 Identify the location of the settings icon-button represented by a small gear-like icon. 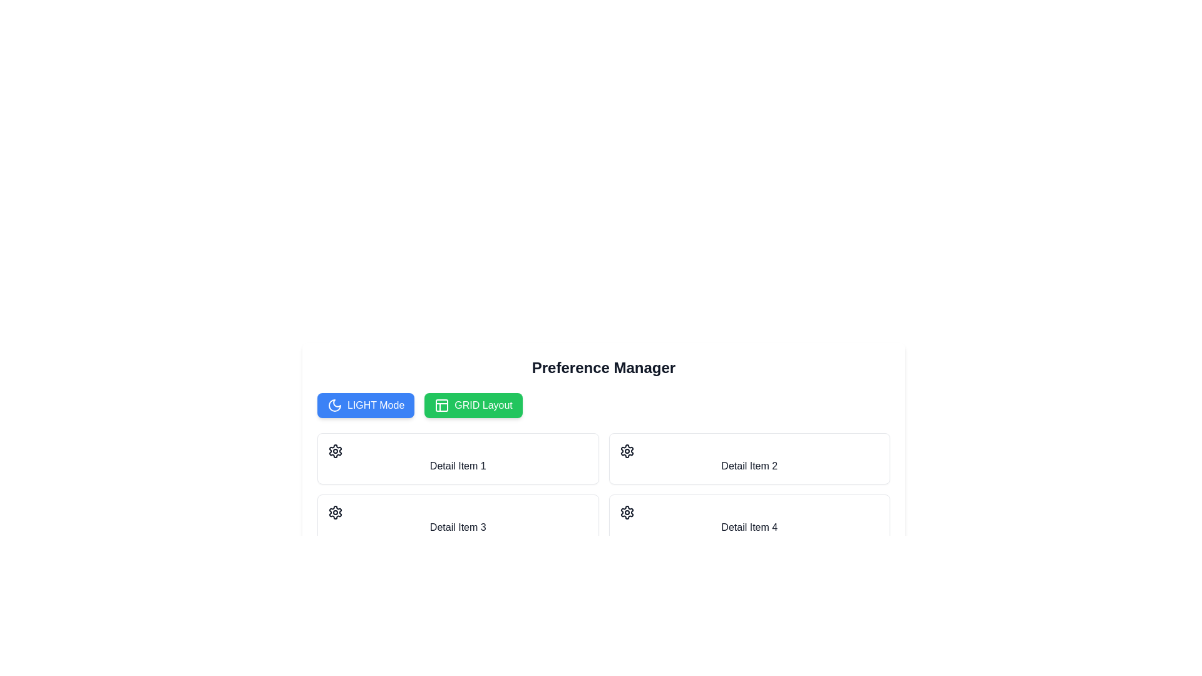
(627, 451).